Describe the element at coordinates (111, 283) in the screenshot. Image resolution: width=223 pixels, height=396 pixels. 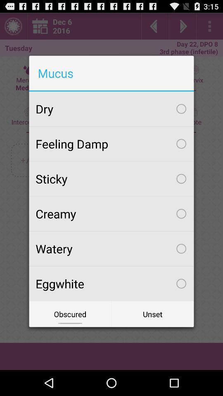
I see `the eggwhite checkbox` at that location.